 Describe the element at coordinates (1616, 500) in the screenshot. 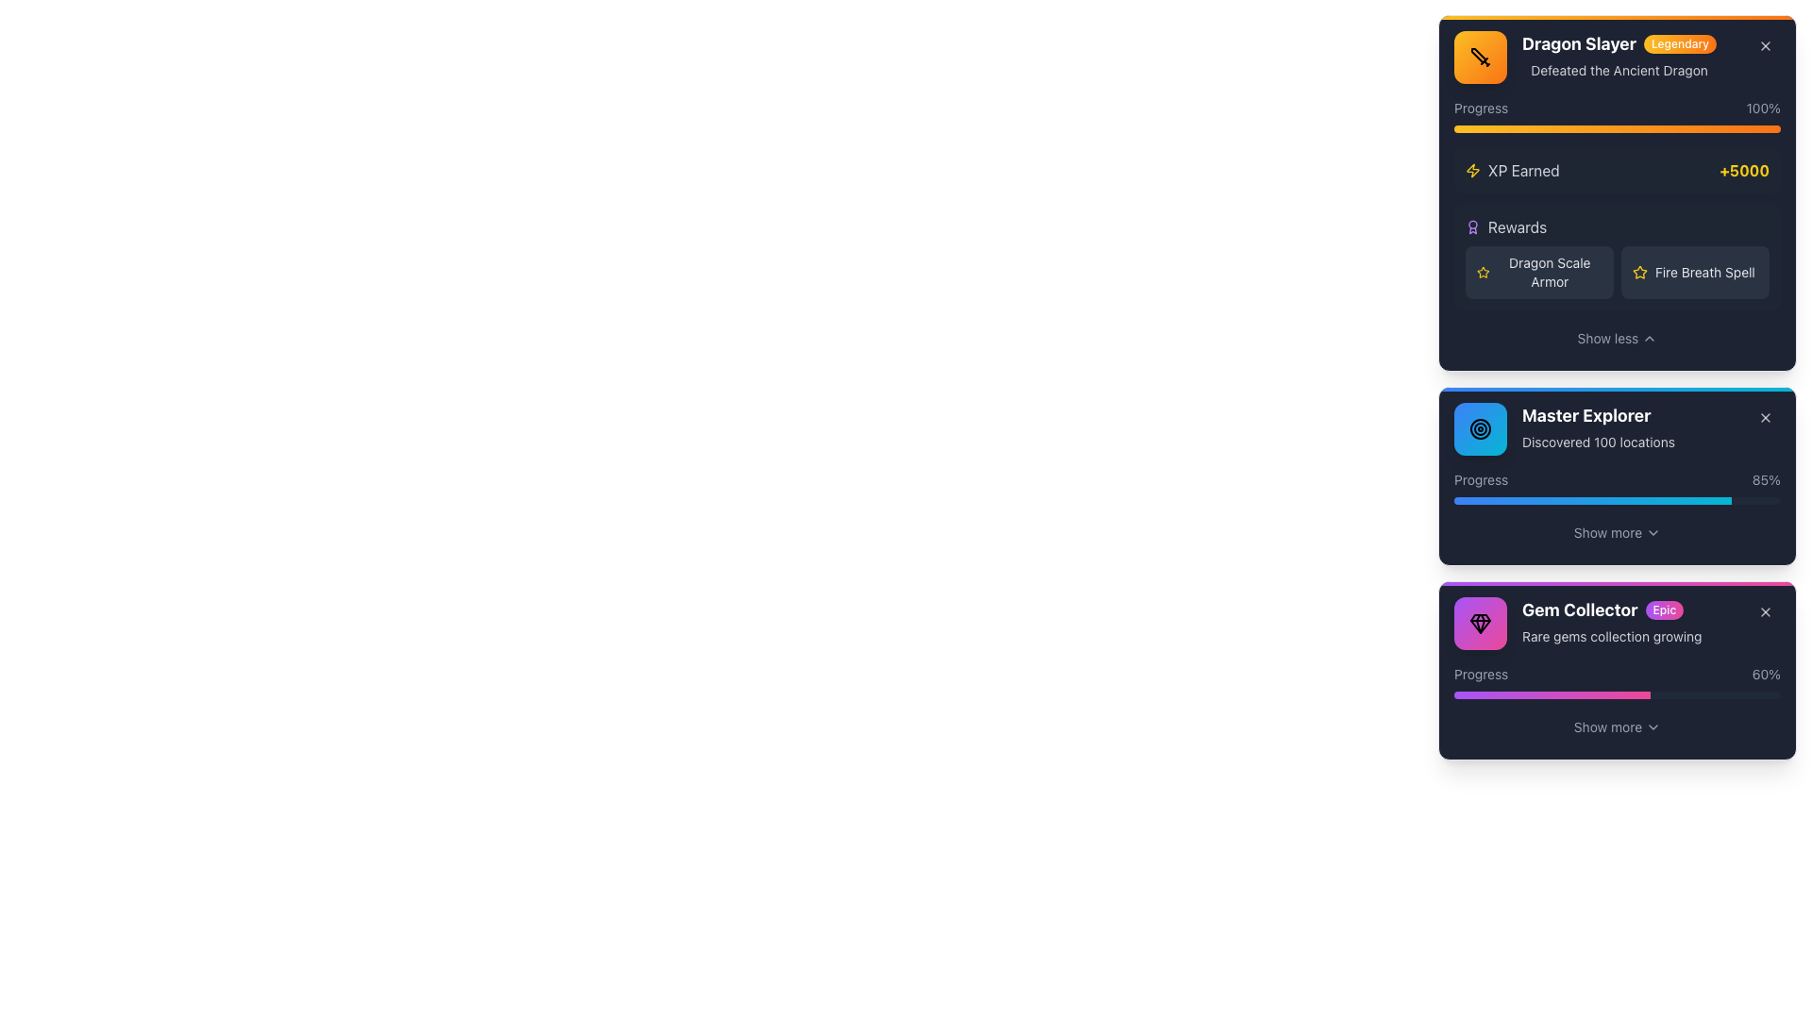

I see `the first progress bar indicating 85% progress in the 'Master Explorer' section, located directly under the 'Progress' label` at that location.